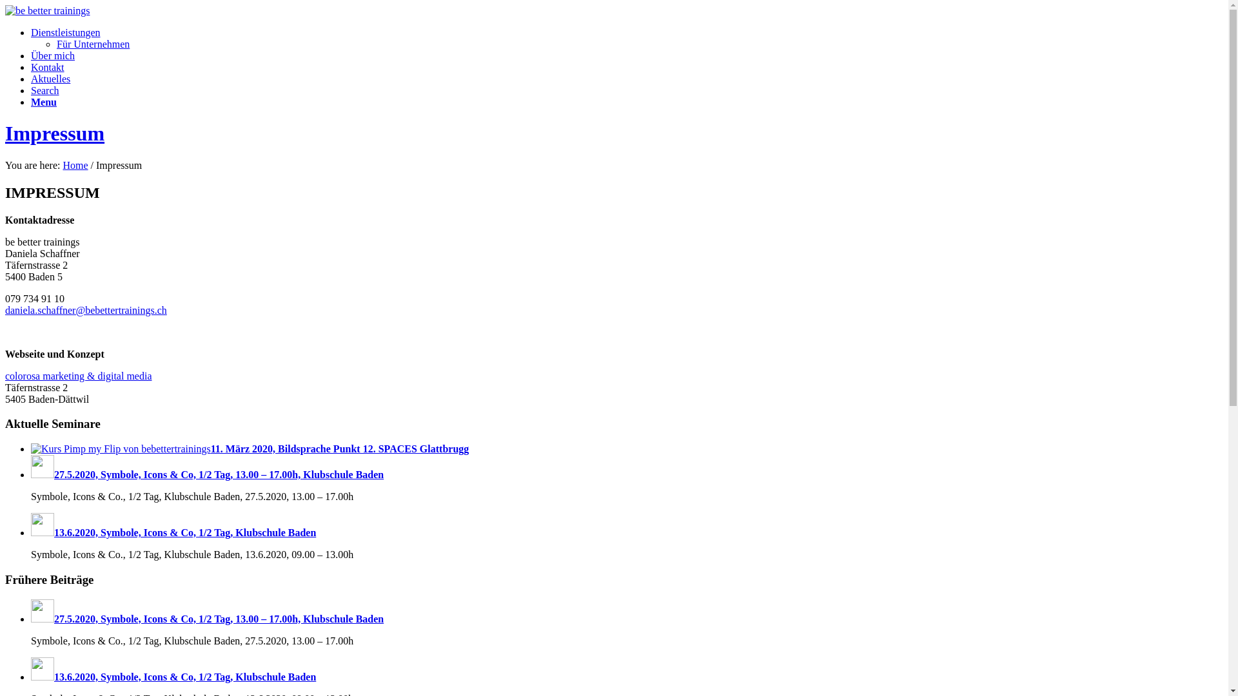  What do you see at coordinates (64, 32) in the screenshot?
I see `'Dienstleistungen'` at bounding box center [64, 32].